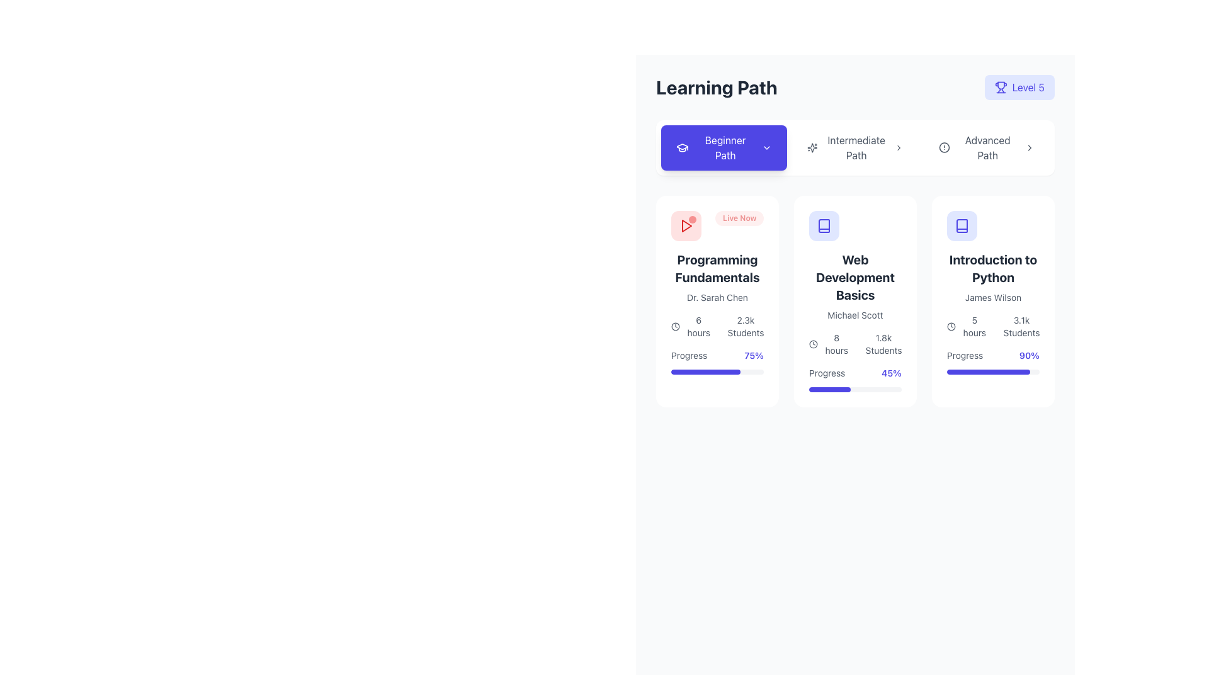  Describe the element at coordinates (824, 225) in the screenshot. I see `the minimalistic blue book icon located in the header area of the 'Web Development Basics' card, which is centered horizontally above the title` at that location.